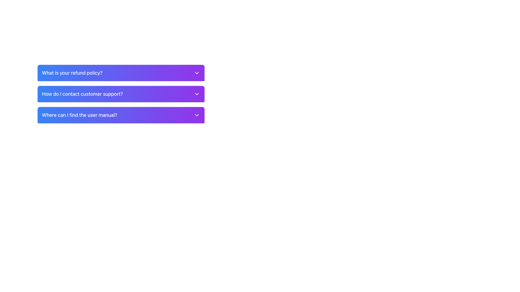  Describe the element at coordinates (79, 115) in the screenshot. I see `text label displaying 'Where can I find the user manual?' which is located in the third row of a vertically stacked list, set against a gradient background` at that location.